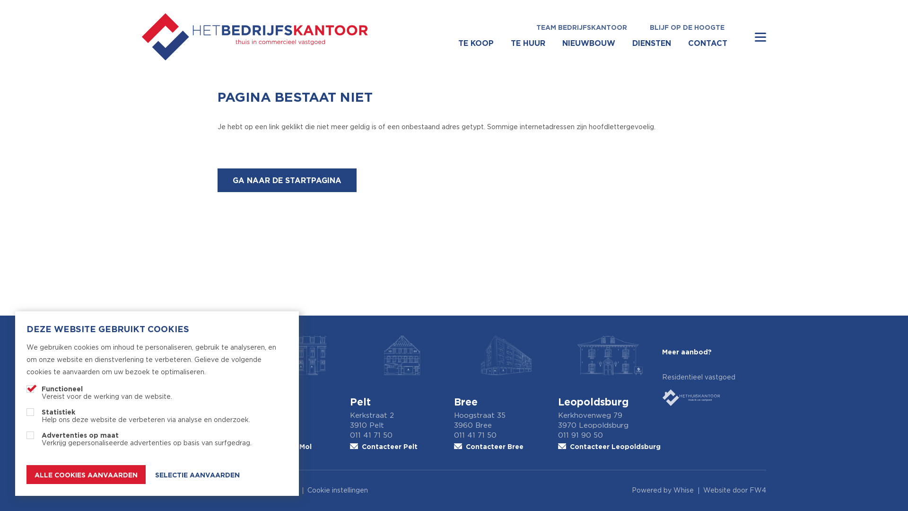 Image resolution: width=908 pixels, height=511 pixels. I want to click on 'SELECTIE AANVAARDEN', so click(197, 475).